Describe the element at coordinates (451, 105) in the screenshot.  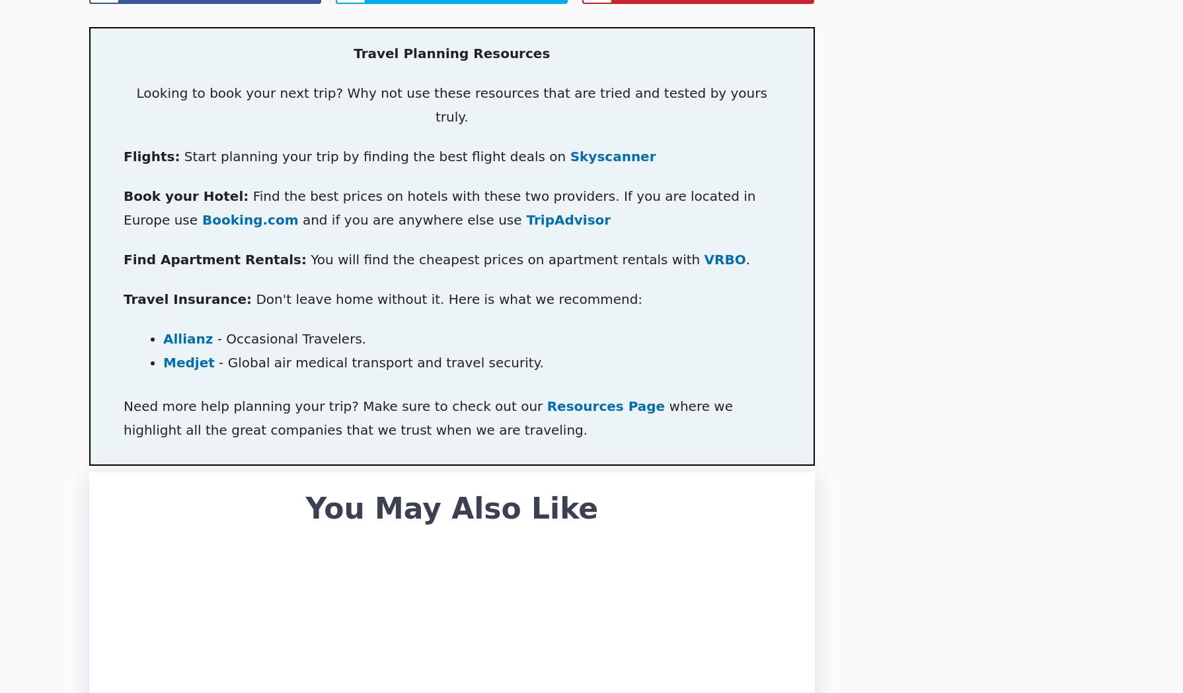
I see `'Looking to book your next trip? Why not use these resources that are tried and tested by yours truly.'` at that location.